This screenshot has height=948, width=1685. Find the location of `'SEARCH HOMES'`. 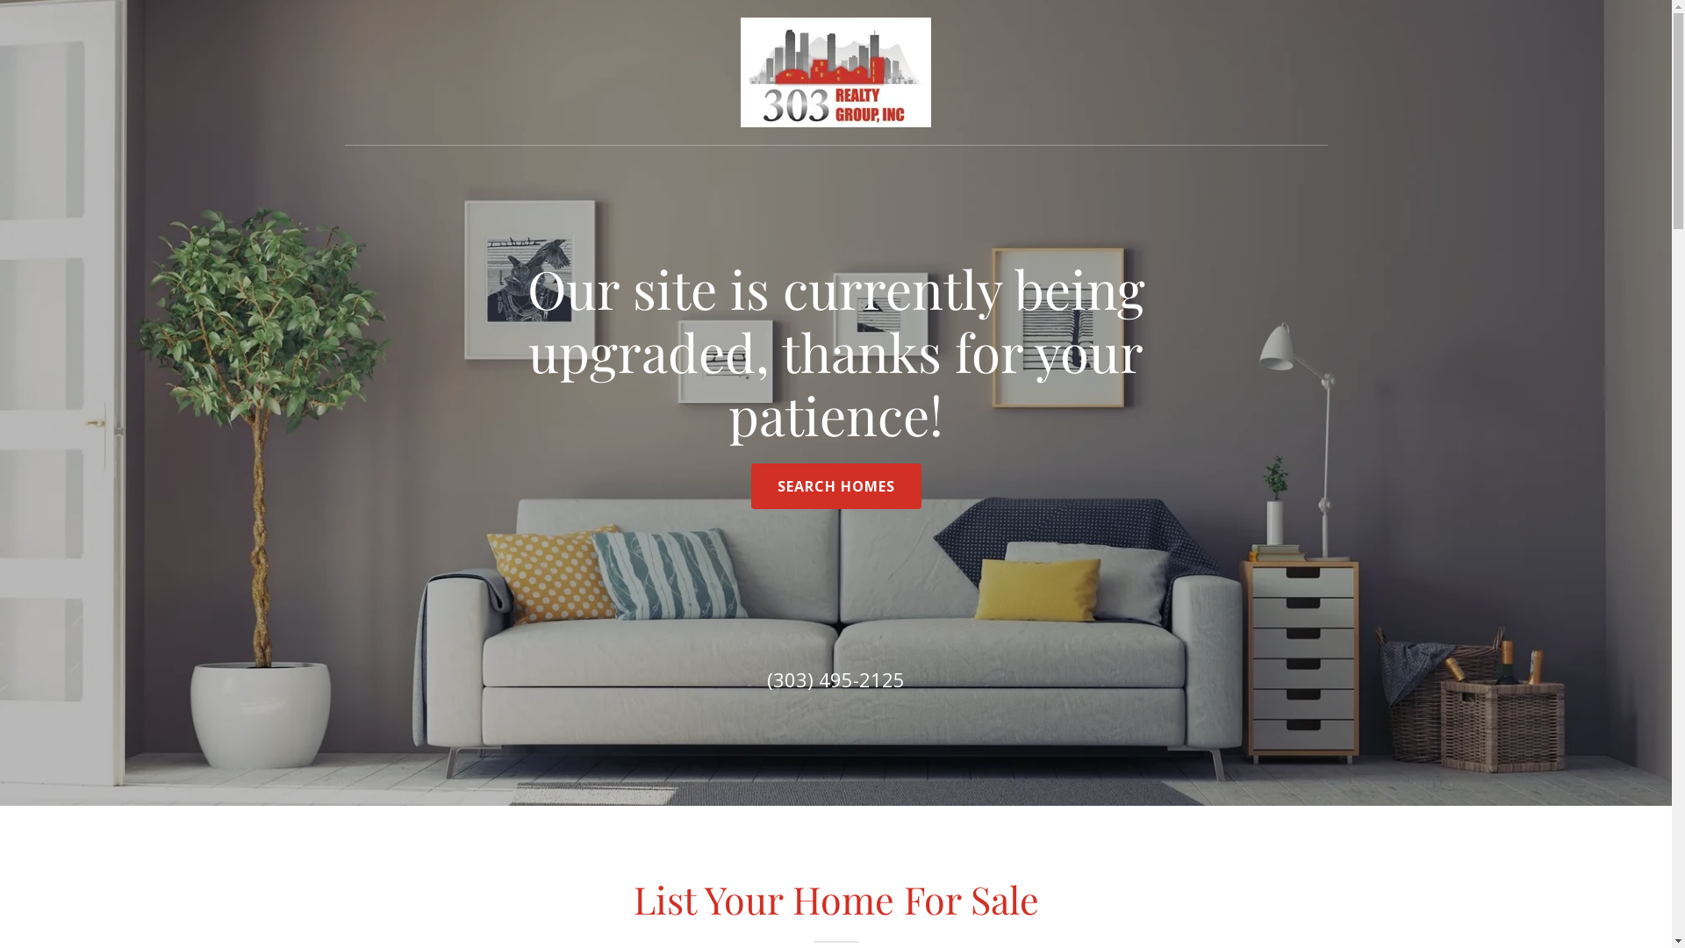

'SEARCH HOMES' is located at coordinates (835, 486).